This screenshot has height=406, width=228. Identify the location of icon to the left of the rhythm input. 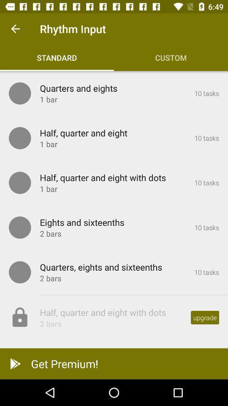
(15, 29).